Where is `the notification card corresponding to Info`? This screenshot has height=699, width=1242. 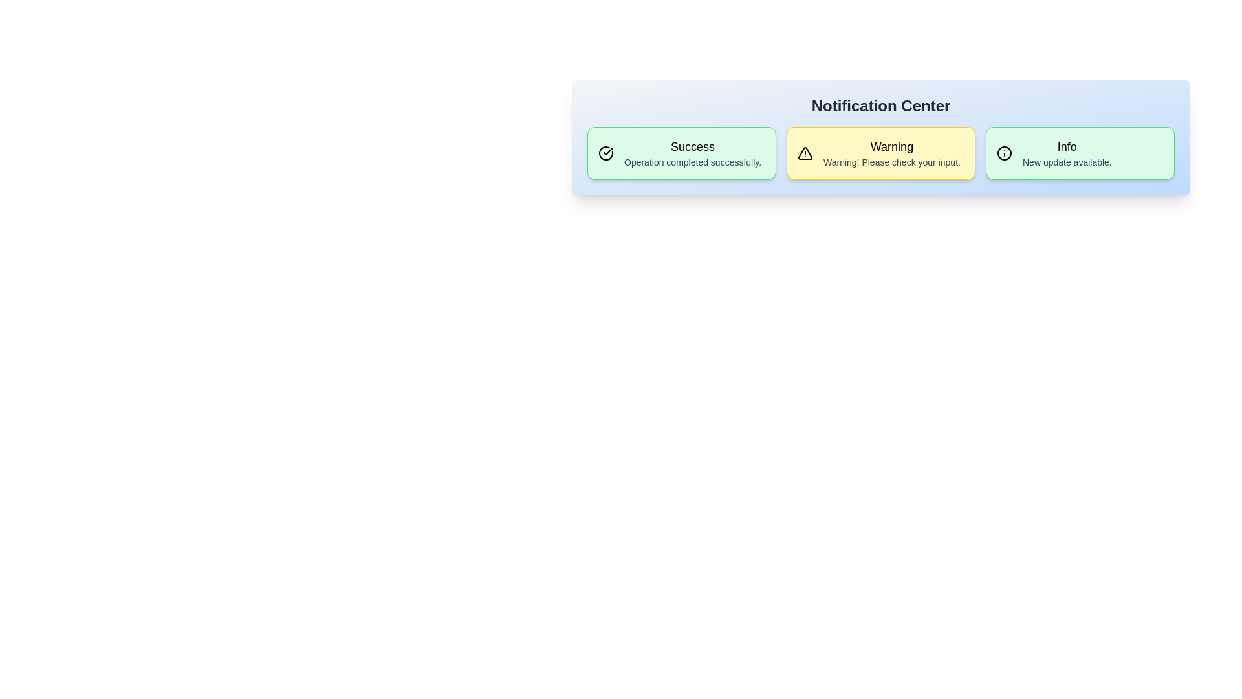
the notification card corresponding to Info is located at coordinates (1080, 152).